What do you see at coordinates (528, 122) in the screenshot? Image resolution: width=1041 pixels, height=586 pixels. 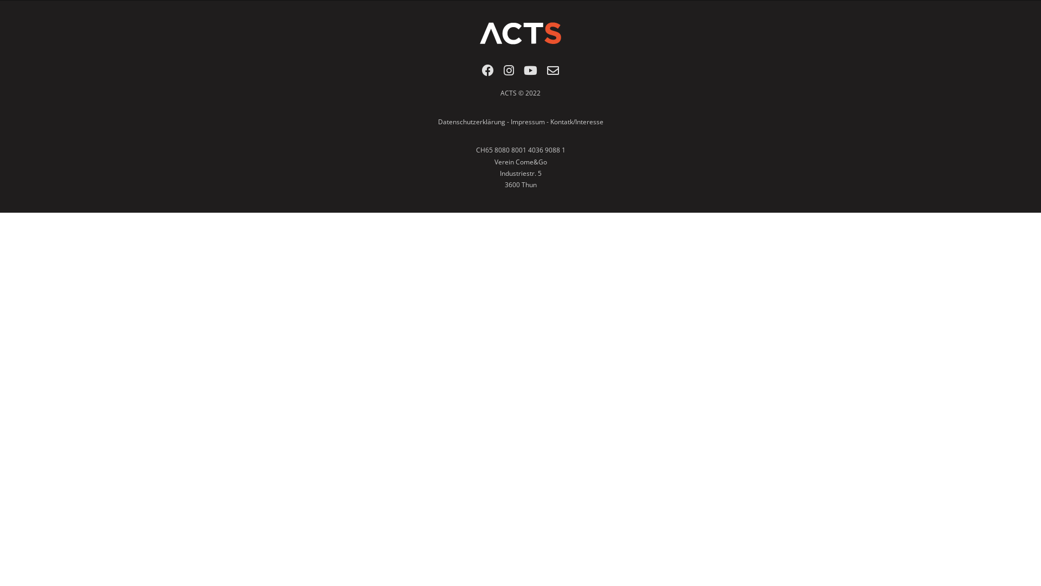 I see `'Impressum'` at bounding box center [528, 122].